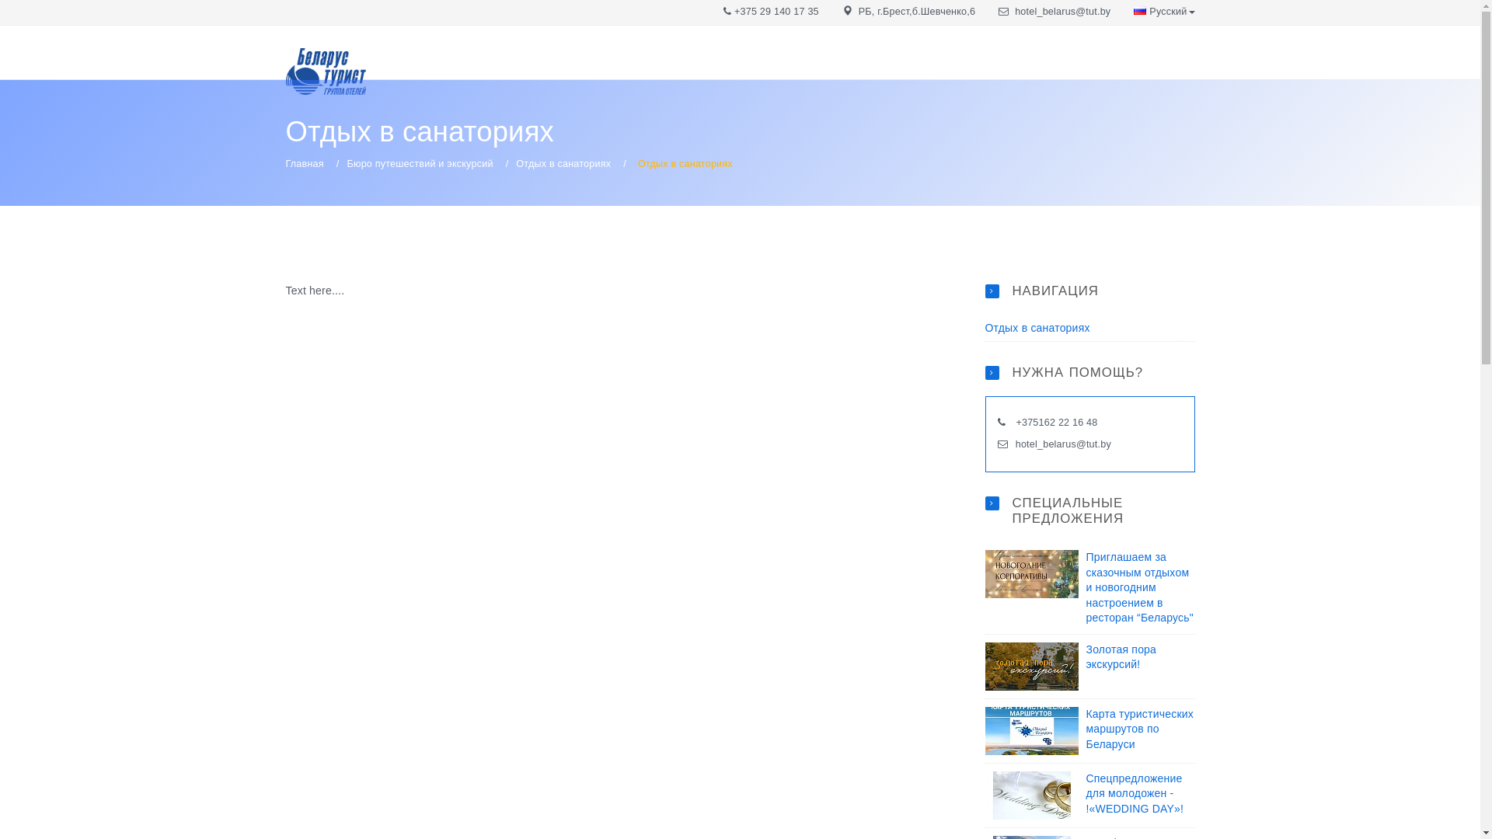 This screenshot has width=1492, height=839. Describe the element at coordinates (1062, 444) in the screenshot. I see `'hotel_belarus@tut.by'` at that location.